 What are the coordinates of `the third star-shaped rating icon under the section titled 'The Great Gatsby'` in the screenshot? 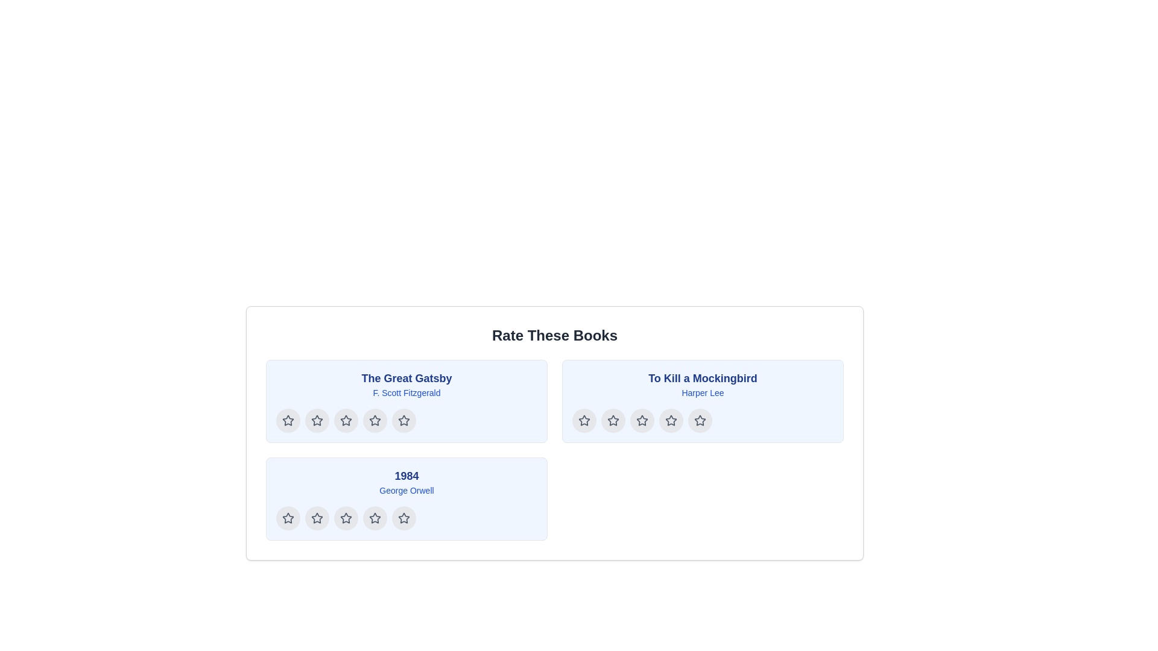 It's located at (346, 420).